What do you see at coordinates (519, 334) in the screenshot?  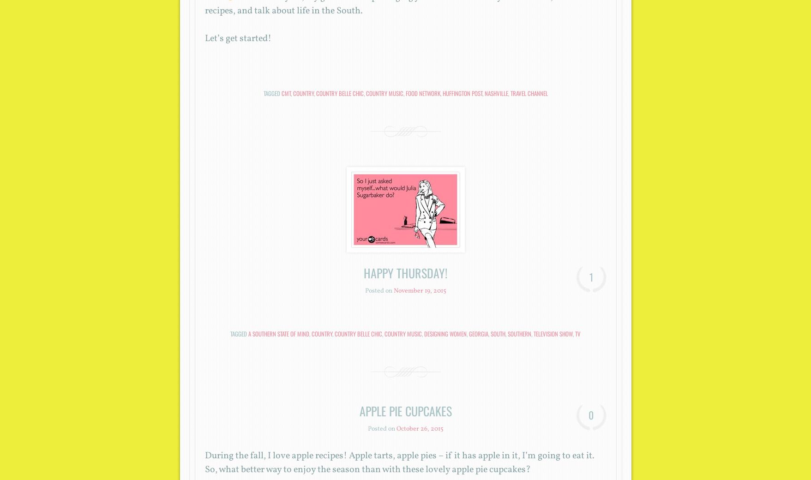 I see `'southern'` at bounding box center [519, 334].